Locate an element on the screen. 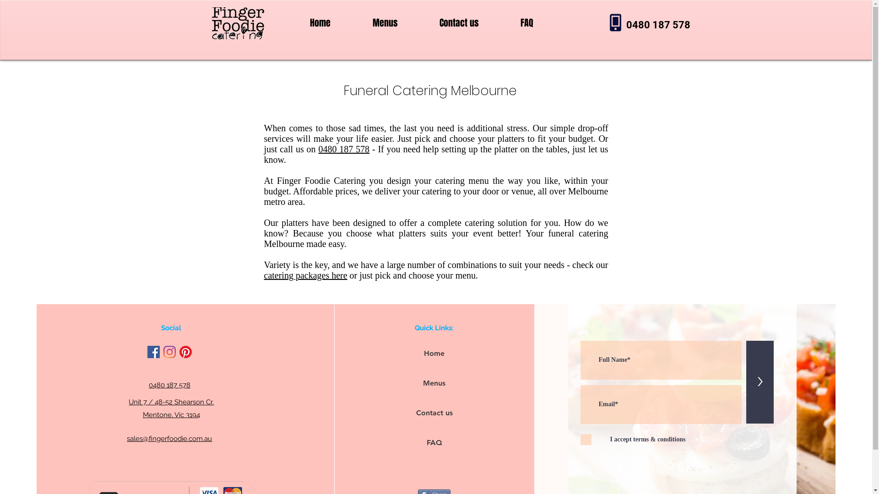 This screenshot has height=494, width=879. 'Unit 7 / 48-52 Shearson Cr.' is located at coordinates (128, 402).